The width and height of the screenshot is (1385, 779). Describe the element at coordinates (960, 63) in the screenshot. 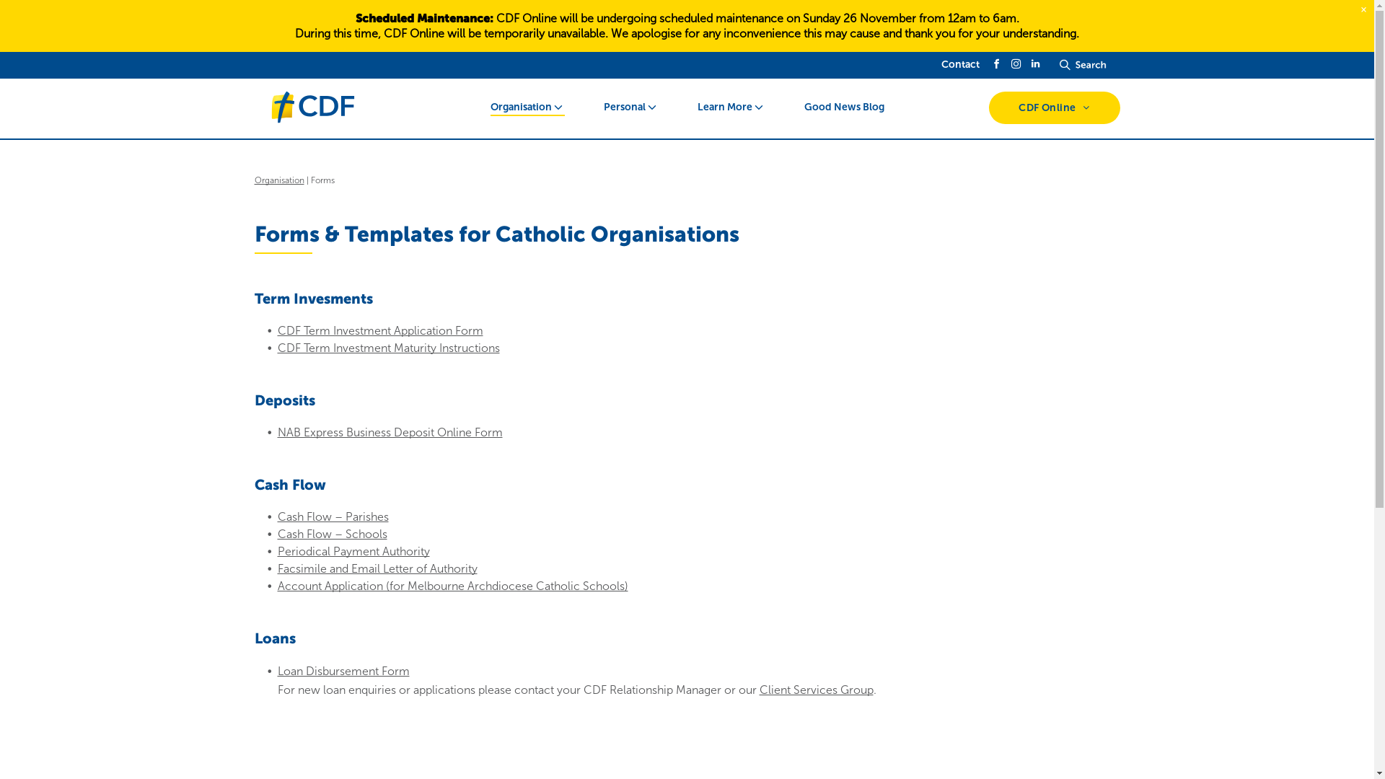

I see `'Contact'` at that location.